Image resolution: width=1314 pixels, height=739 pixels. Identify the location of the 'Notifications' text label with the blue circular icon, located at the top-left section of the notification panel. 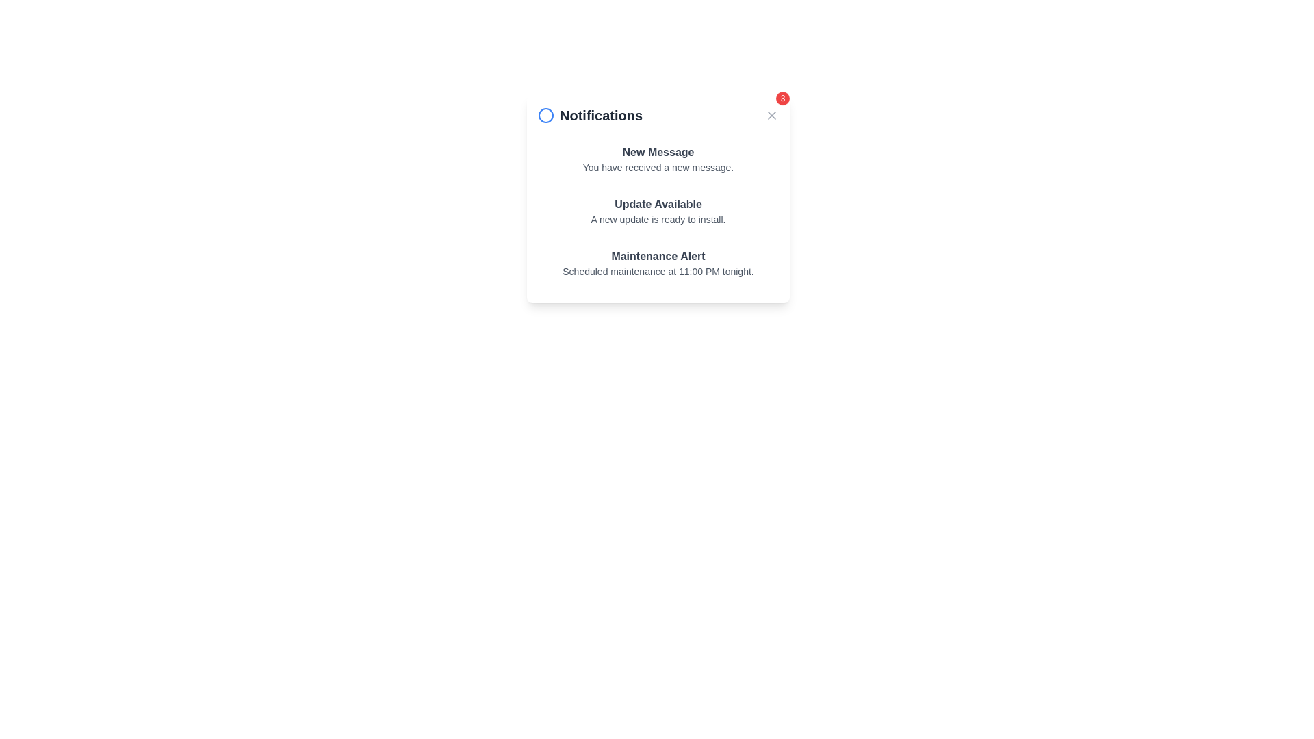
(590, 115).